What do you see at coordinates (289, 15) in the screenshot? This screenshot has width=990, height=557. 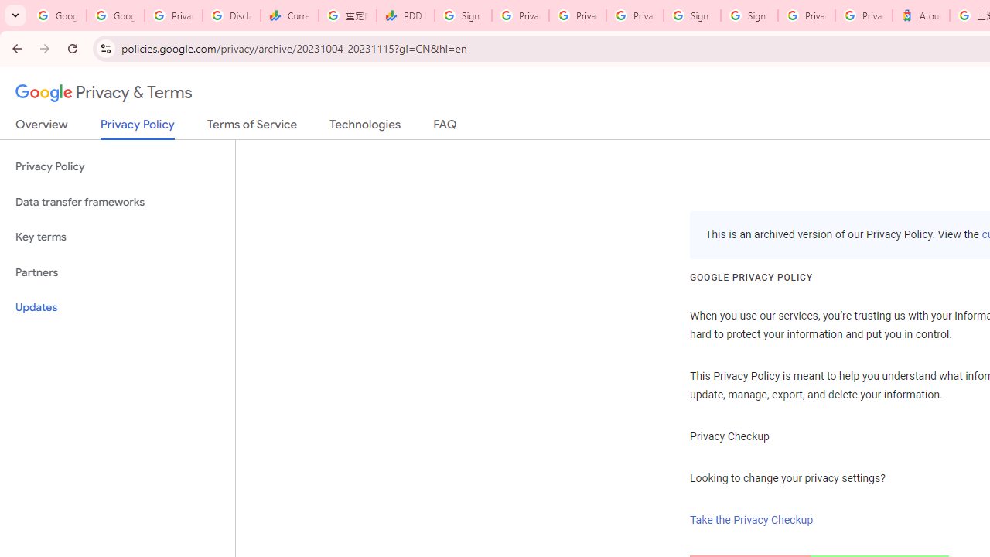 I see `'Currencies - Google Finance'` at bounding box center [289, 15].